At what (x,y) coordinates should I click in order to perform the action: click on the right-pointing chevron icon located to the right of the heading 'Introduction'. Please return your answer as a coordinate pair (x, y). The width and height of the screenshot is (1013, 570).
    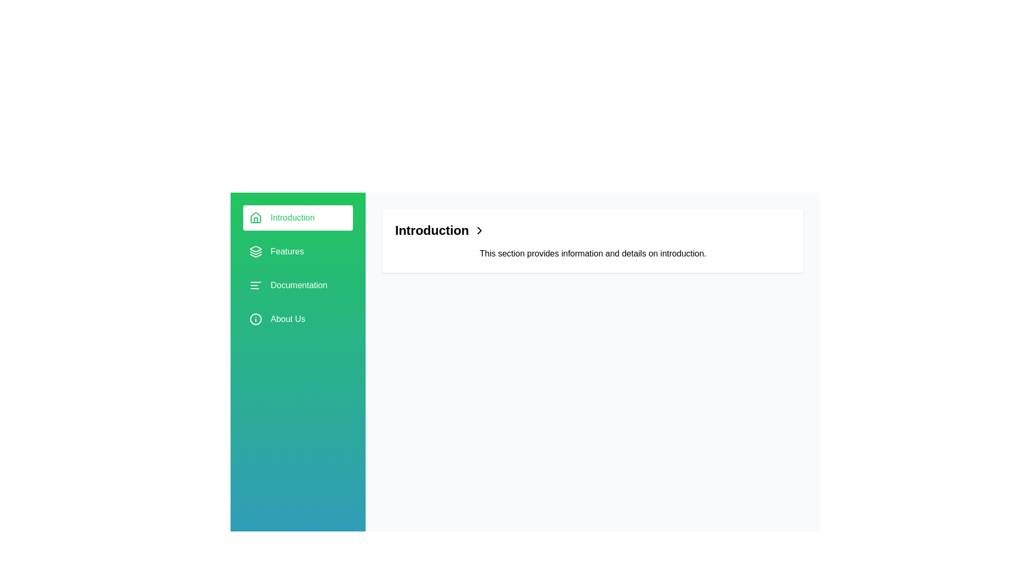
    Looking at the image, I should click on (479, 230).